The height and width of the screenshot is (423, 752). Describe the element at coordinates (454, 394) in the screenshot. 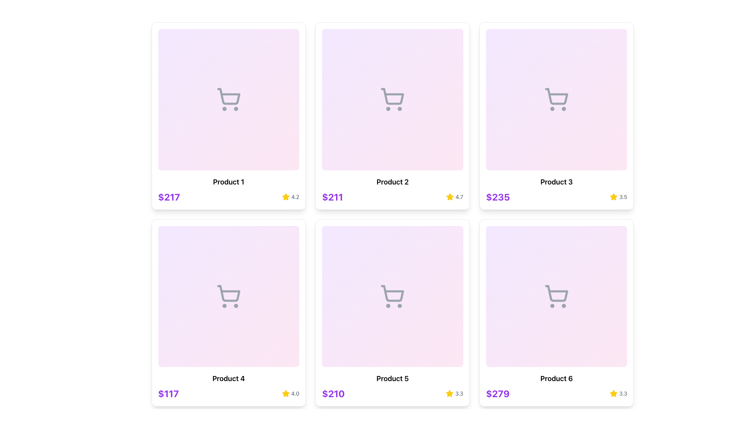

I see `the Rating indicator element, which consists of a yellow star icon and the gray text '3.3' located at the bottom-right corner of the 'Product 5' card` at that location.